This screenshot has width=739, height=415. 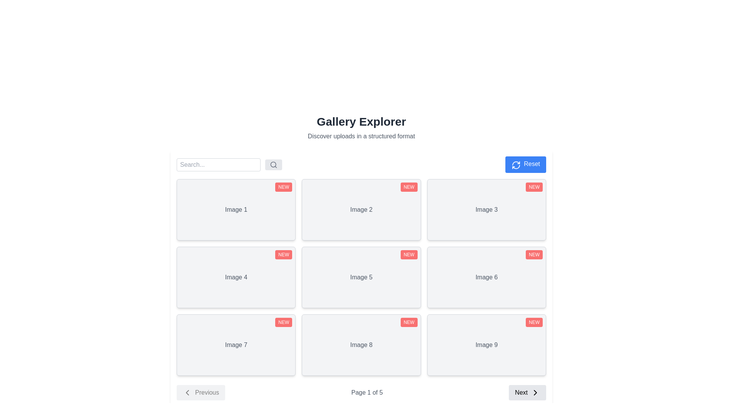 What do you see at coordinates (516, 164) in the screenshot?
I see `the blue icon featuring two circular arrows in a clockwise orientation, which is part of the 'Reset' button located towards the top-right of the interface` at bounding box center [516, 164].